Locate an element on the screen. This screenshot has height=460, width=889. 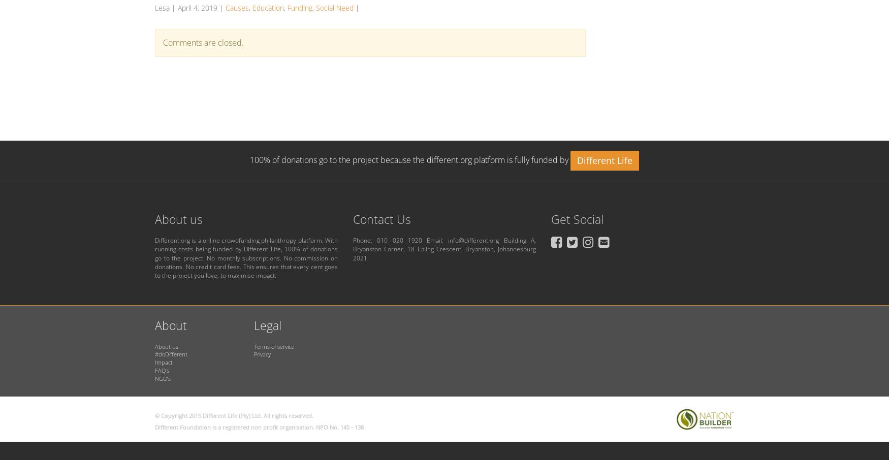
'© Copyright 2015 Different Life (Pty) Ltd. All rights reserved.' is located at coordinates (154, 414).